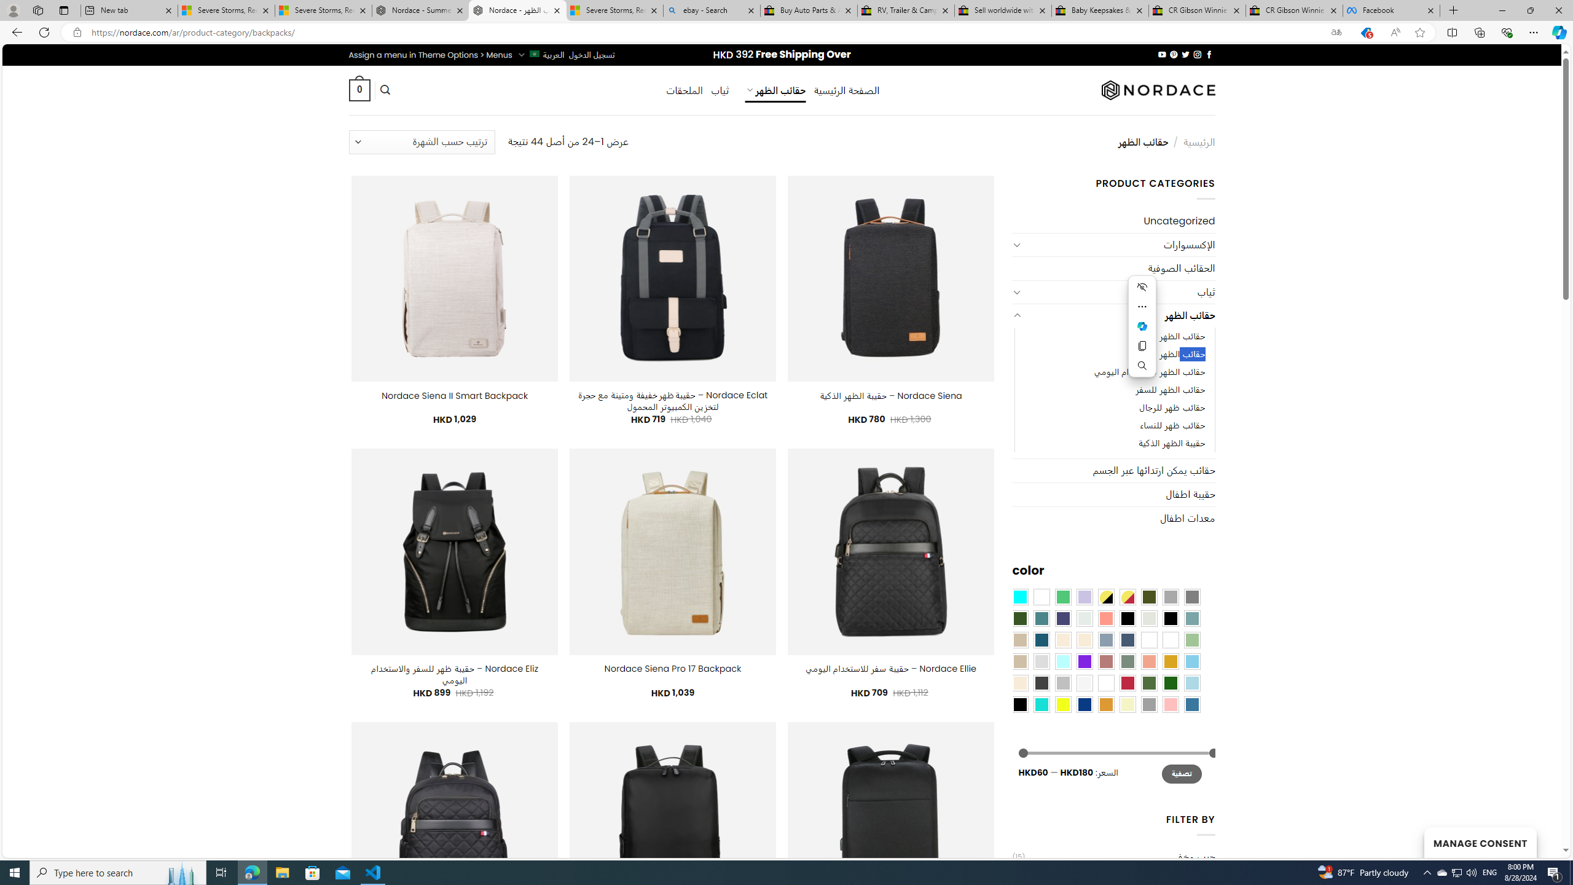 The image size is (1573, 885). What do you see at coordinates (1127, 640) in the screenshot?
I see `'Hale Navy'` at bounding box center [1127, 640].